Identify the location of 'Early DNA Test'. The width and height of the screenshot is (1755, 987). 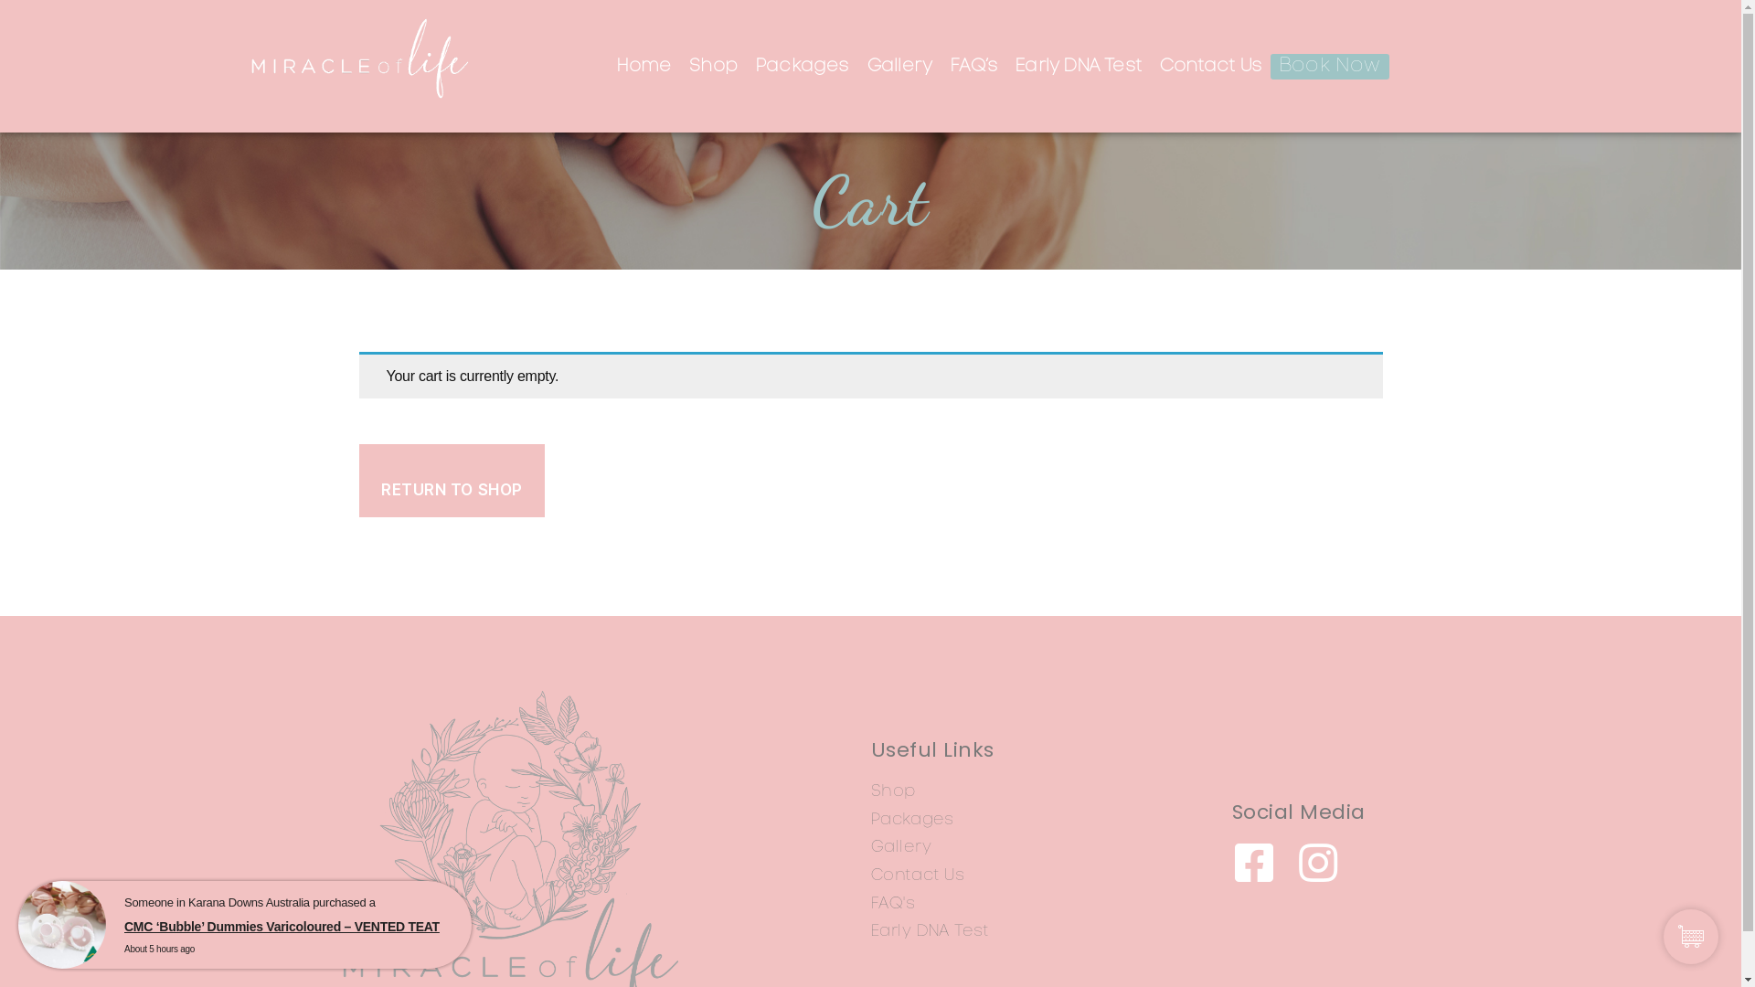
(1005, 65).